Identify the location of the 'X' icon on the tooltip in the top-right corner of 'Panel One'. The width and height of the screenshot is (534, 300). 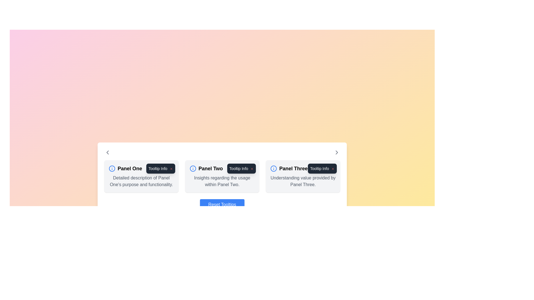
(160, 168).